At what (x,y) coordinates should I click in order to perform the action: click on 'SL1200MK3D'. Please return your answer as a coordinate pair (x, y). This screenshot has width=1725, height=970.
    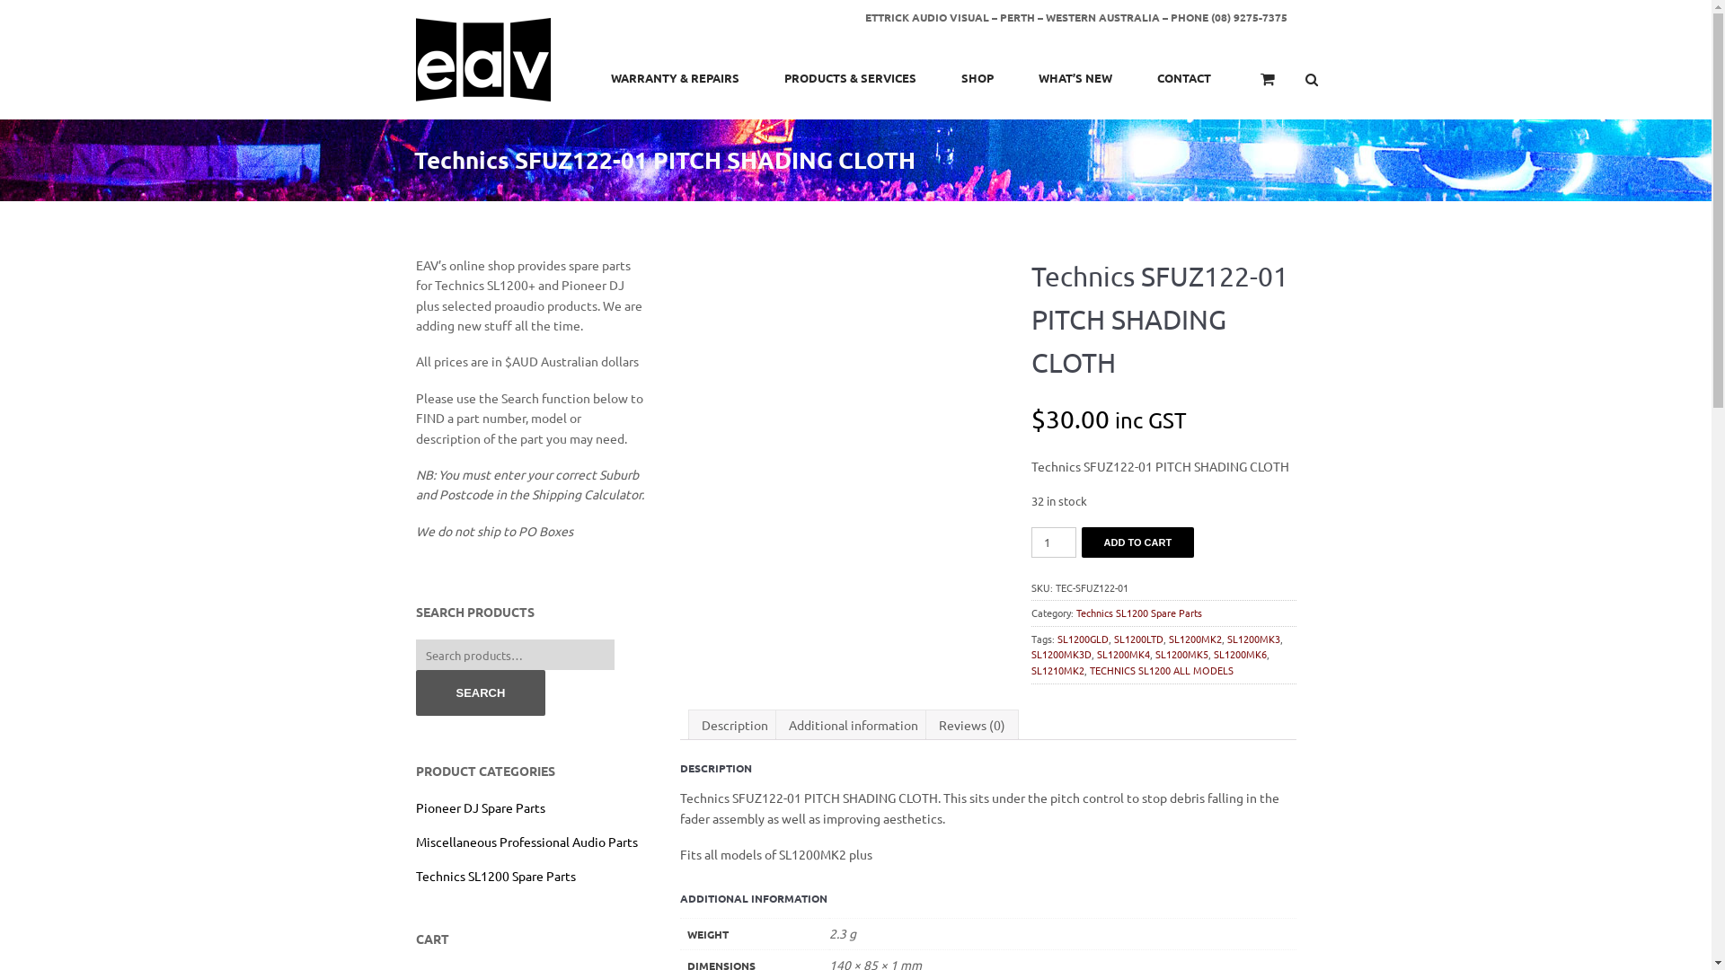
    Looking at the image, I should click on (1061, 654).